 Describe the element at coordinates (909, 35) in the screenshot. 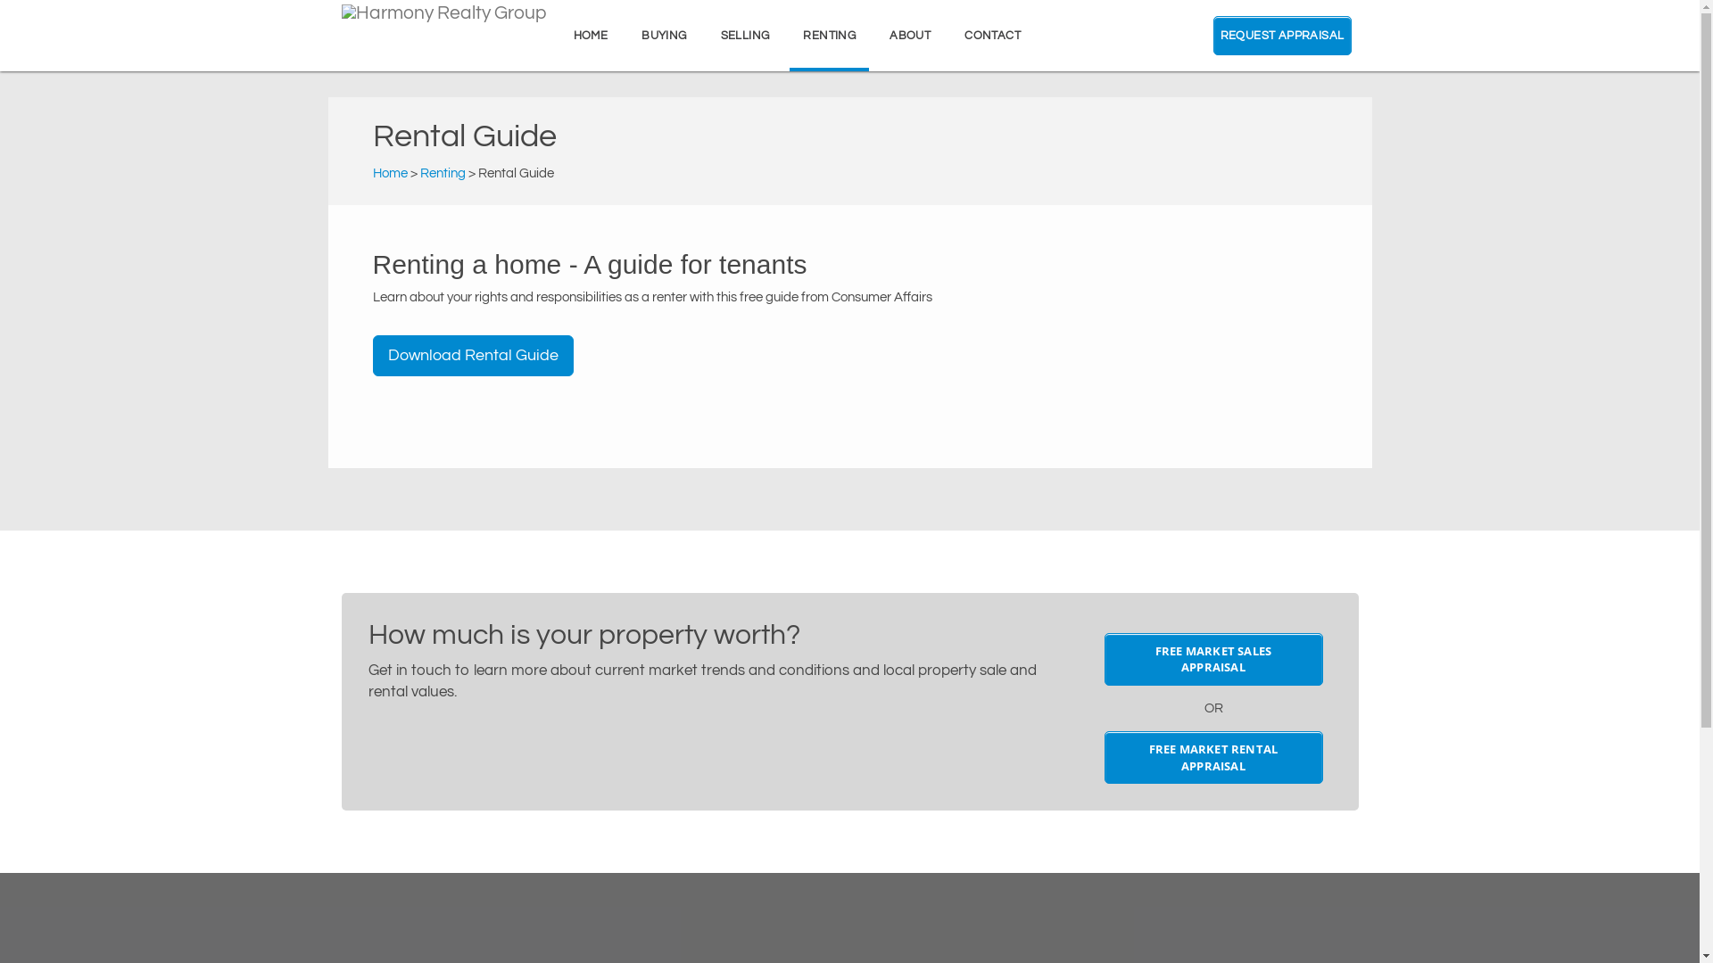

I see `'ABOUT'` at that location.